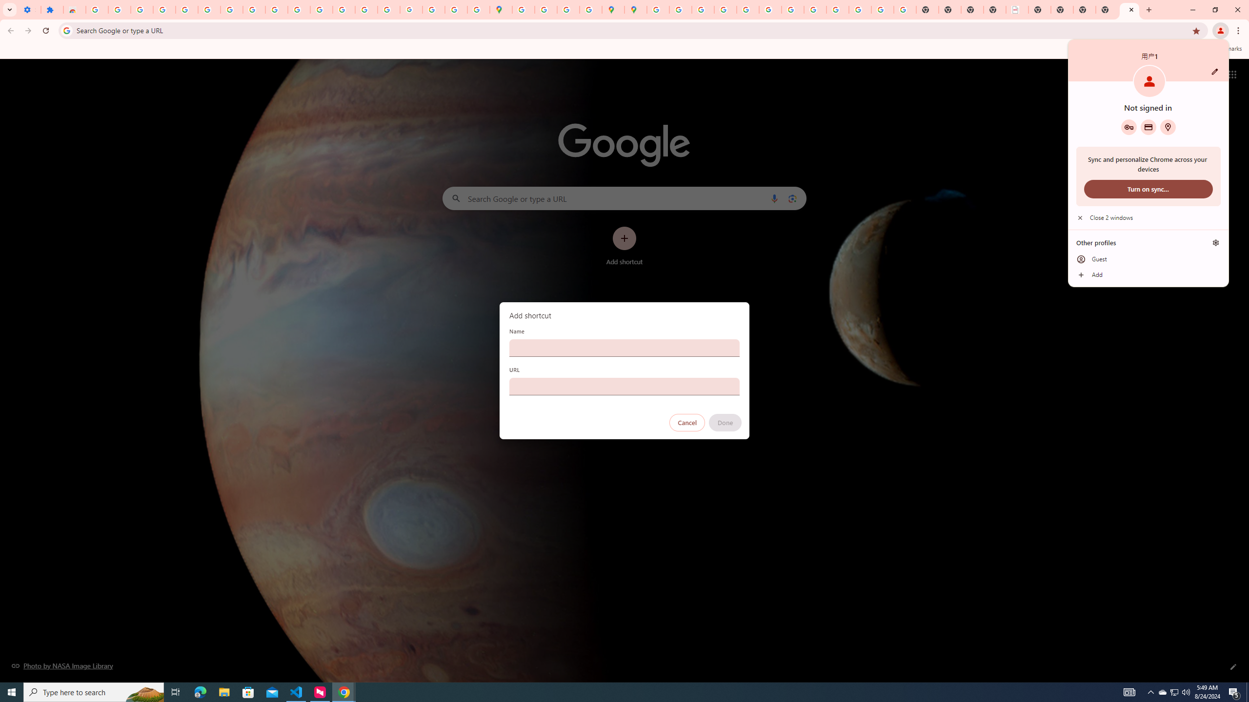 The height and width of the screenshot is (702, 1249). I want to click on 'URL', so click(624, 386).